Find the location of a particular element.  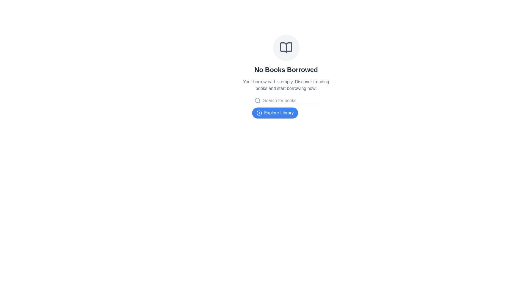

the SVG Icon representing books or reading, which is centrally located above the text 'No Books Borrowed' and has a light gray circular background is located at coordinates (286, 47).